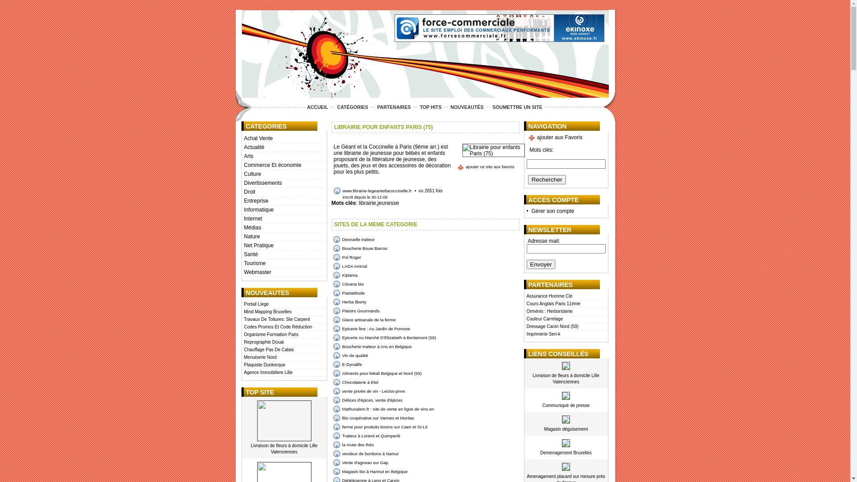  What do you see at coordinates (566, 334) in the screenshot?
I see `'Imprimerie Seri-k'` at bounding box center [566, 334].